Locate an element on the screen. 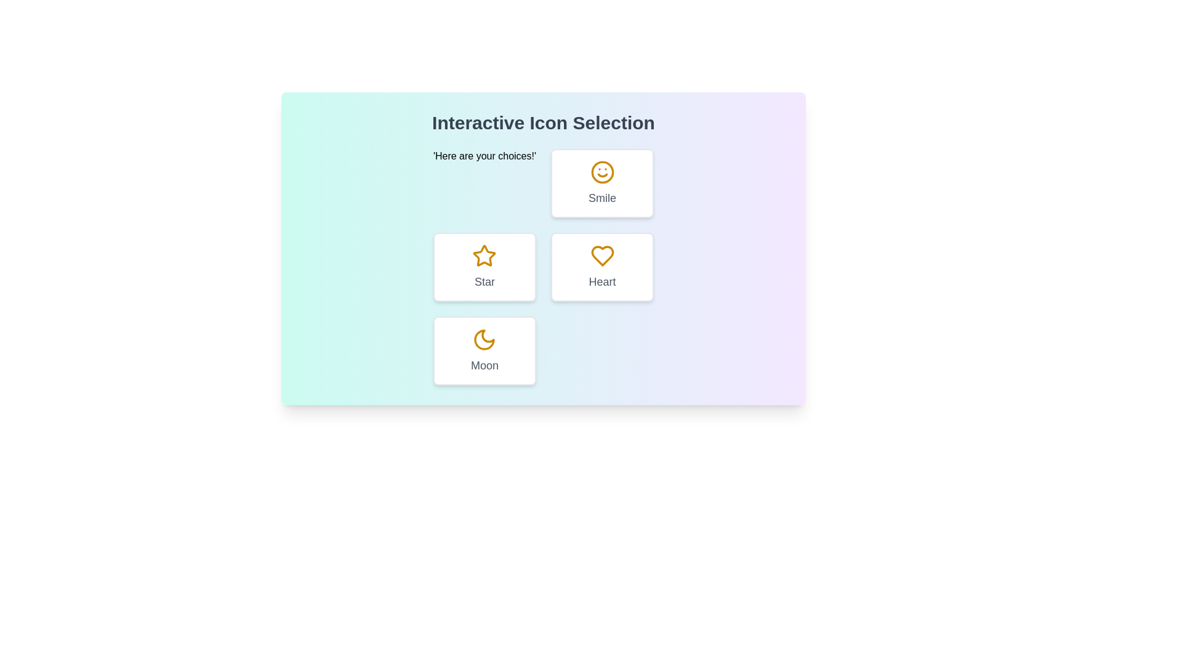  the 'Moon' interactive card/button is located at coordinates (484, 351).